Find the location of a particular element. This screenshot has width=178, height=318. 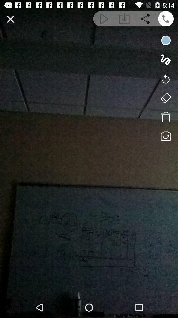

the refresh icon is located at coordinates (165, 79).